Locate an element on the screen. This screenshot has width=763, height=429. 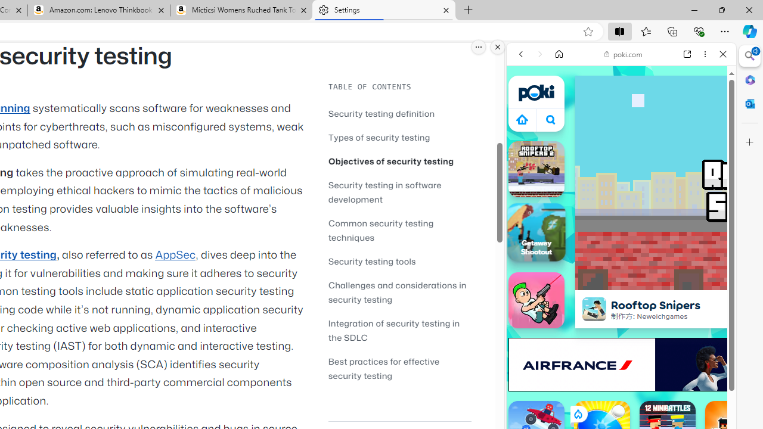
'Two Player Games' is located at coordinates (621, 338).